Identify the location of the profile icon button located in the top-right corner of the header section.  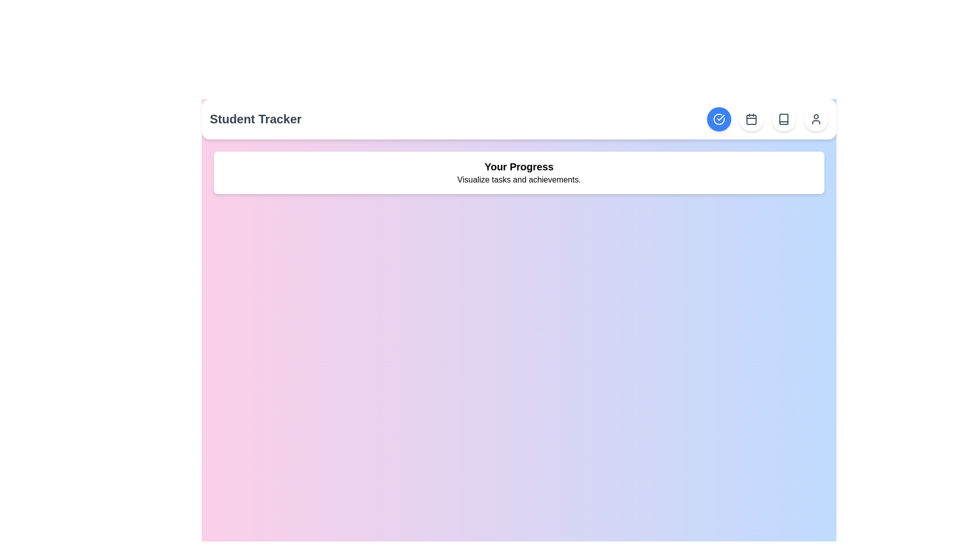
(816, 118).